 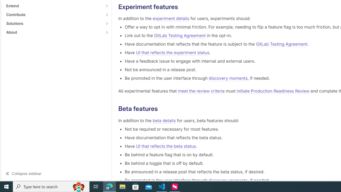 What do you see at coordinates (273, 91) in the screenshot?
I see `'initiate Production Readiness Review'` at bounding box center [273, 91].